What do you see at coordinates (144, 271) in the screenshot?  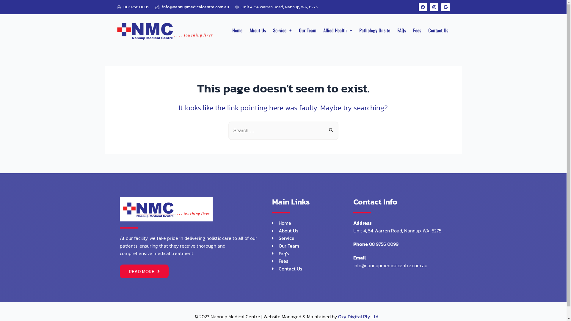 I see `'READ MORE'` at bounding box center [144, 271].